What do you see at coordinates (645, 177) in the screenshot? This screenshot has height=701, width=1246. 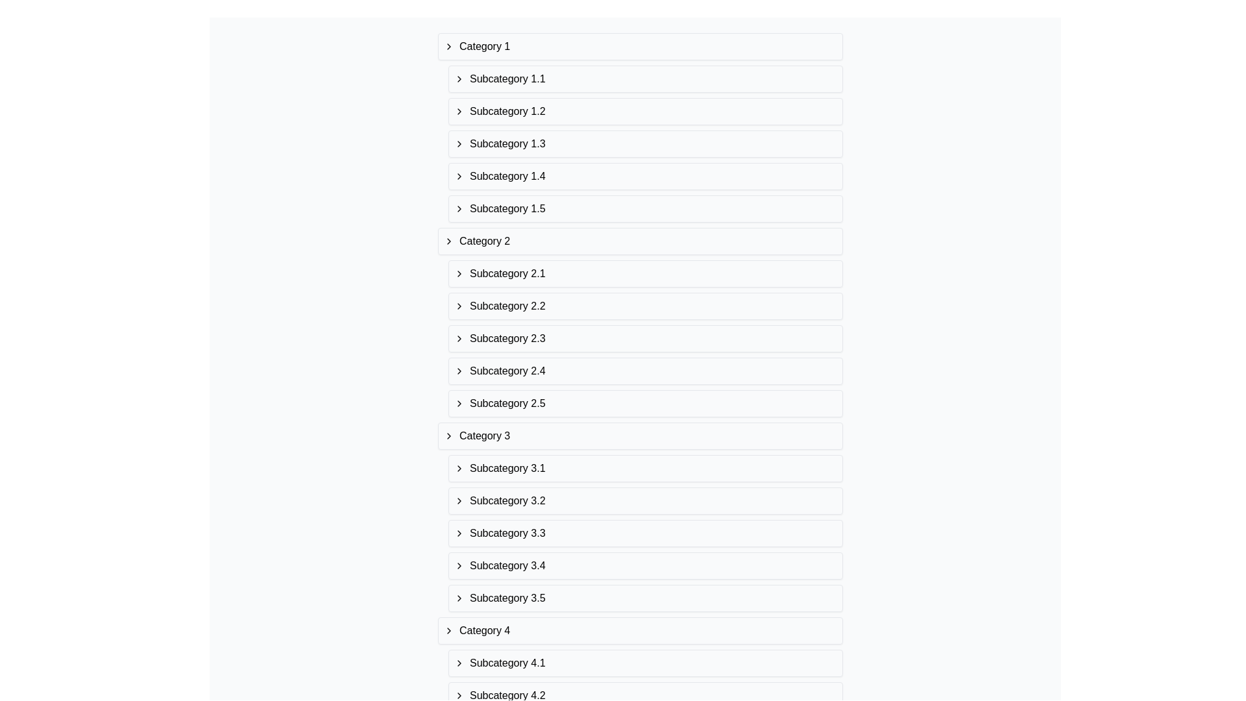 I see `the fourth list item under 'Category 1' labeled 'Subcategory 1.4'` at bounding box center [645, 177].